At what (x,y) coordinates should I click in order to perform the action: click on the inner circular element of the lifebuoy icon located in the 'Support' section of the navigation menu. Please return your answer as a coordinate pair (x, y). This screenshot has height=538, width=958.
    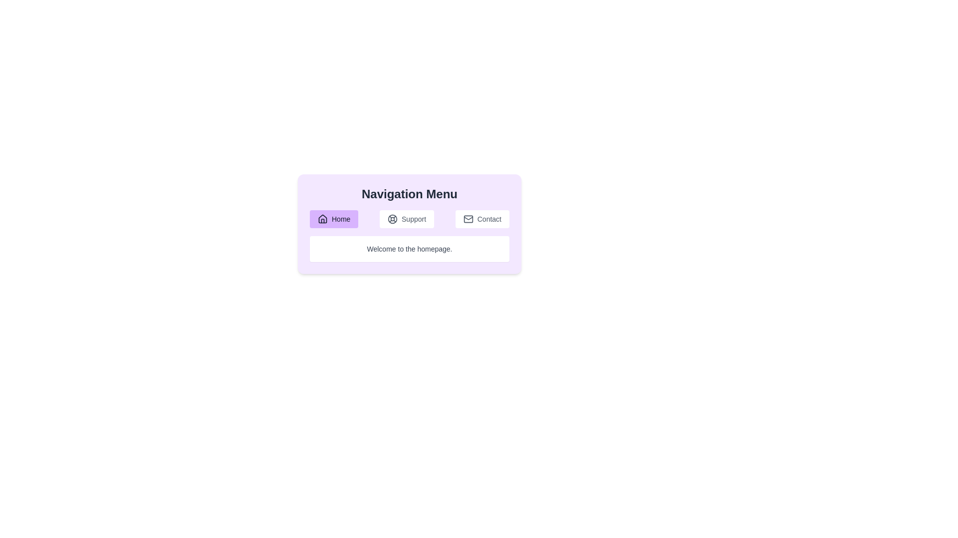
    Looking at the image, I should click on (392, 218).